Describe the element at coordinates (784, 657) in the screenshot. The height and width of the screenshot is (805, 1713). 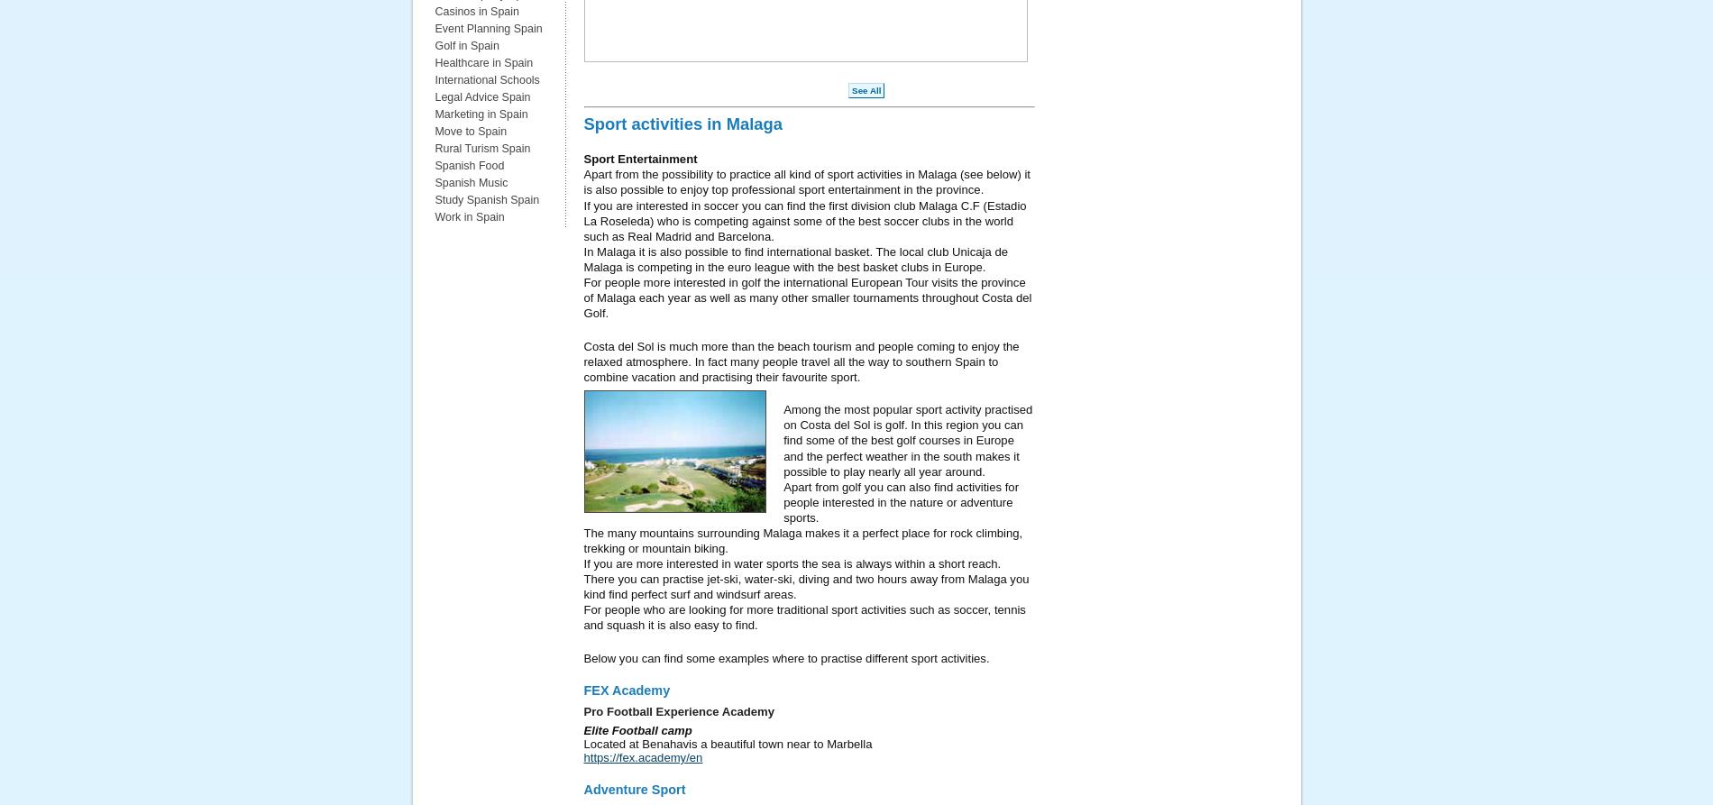
I see `'Below you can find some examples where to practise different sport activities.'` at that location.